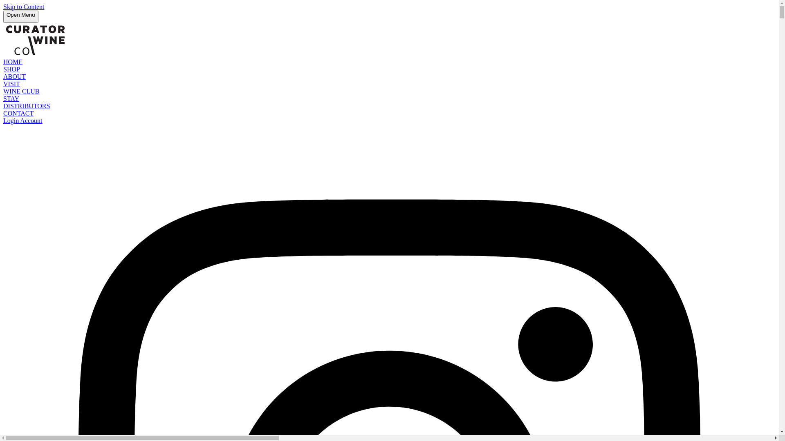 This screenshot has height=441, width=785. Describe the element at coordinates (11, 84) in the screenshot. I see `'VISIT'` at that location.